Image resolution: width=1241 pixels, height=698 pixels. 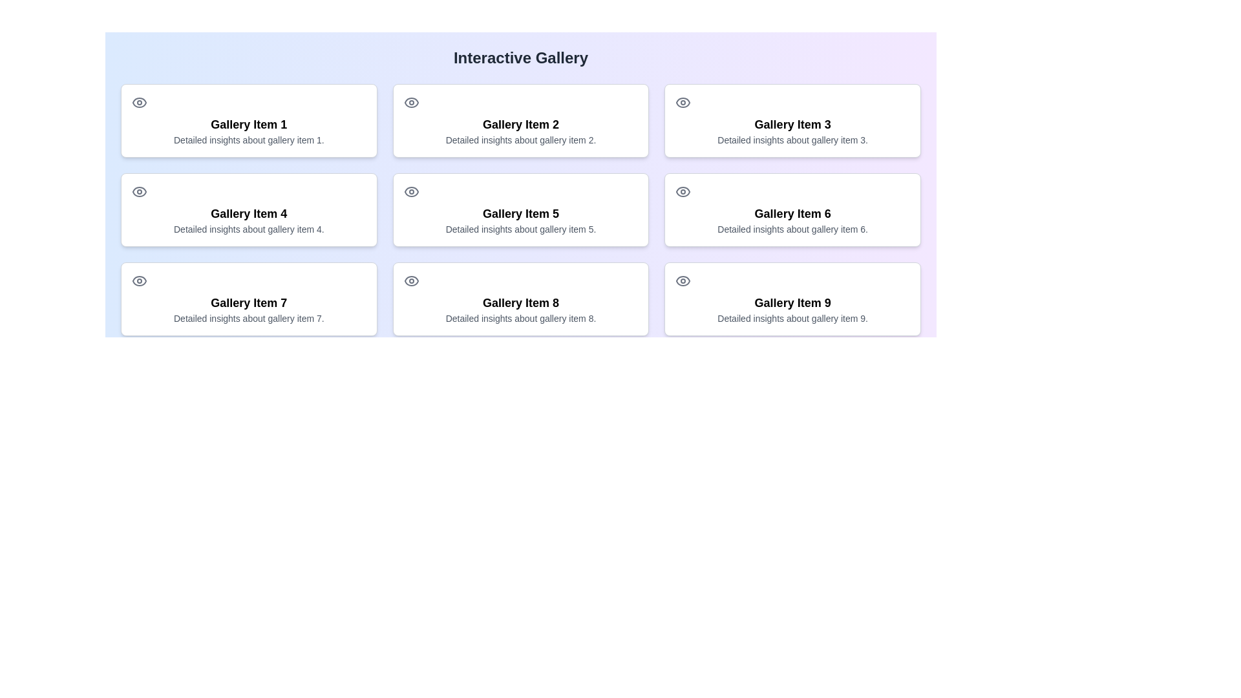 What do you see at coordinates (249, 124) in the screenshot?
I see `static text label that serves as the title for 'Gallery Item 1'` at bounding box center [249, 124].